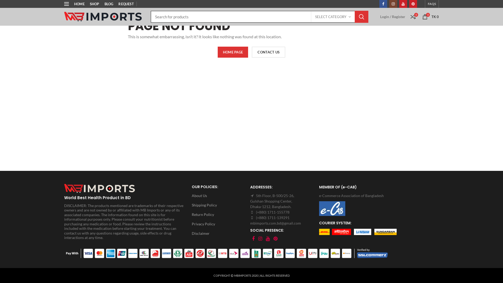 Image resolution: width=503 pixels, height=283 pixels. What do you see at coordinates (101, 188) in the screenshot?
I see `'mbimports3'` at bounding box center [101, 188].